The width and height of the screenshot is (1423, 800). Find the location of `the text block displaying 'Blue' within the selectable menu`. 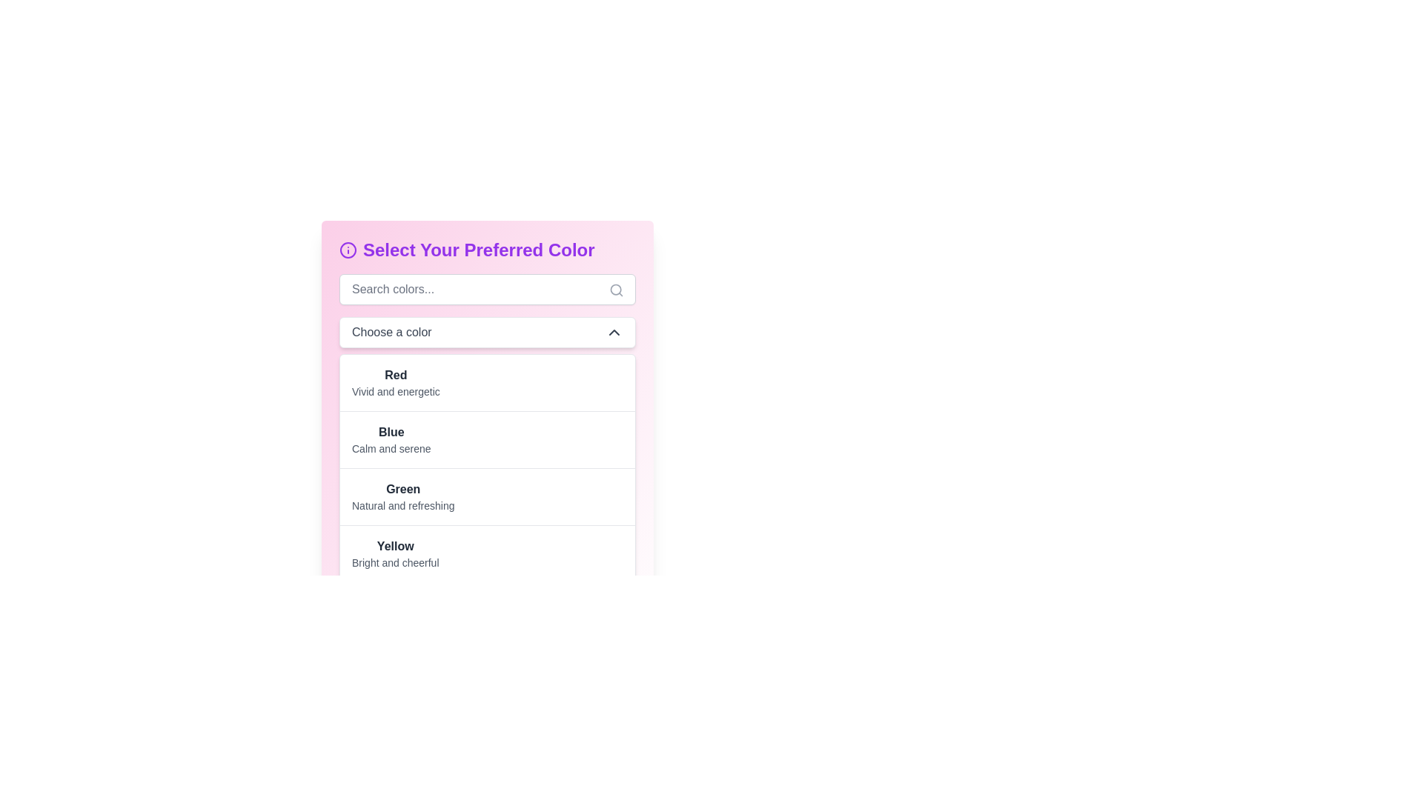

the text block displaying 'Blue' within the selectable menu is located at coordinates (391, 439).